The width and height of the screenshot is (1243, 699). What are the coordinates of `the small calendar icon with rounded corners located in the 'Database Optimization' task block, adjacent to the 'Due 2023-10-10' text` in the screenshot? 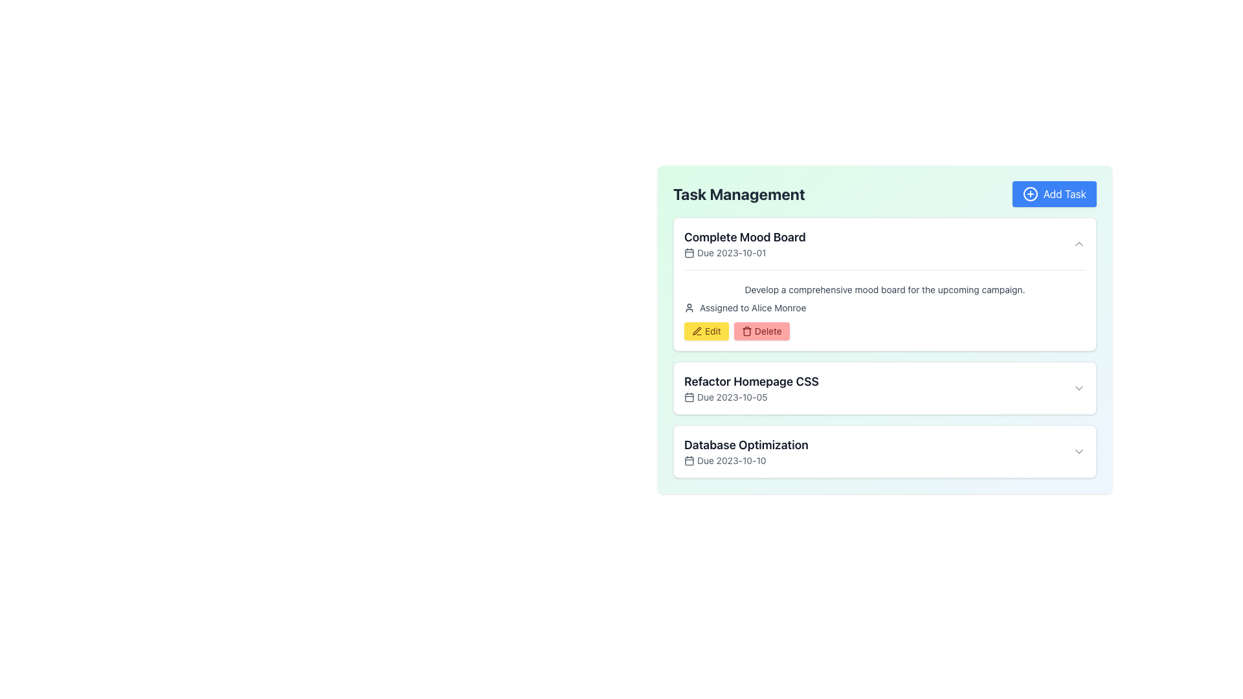 It's located at (689, 460).